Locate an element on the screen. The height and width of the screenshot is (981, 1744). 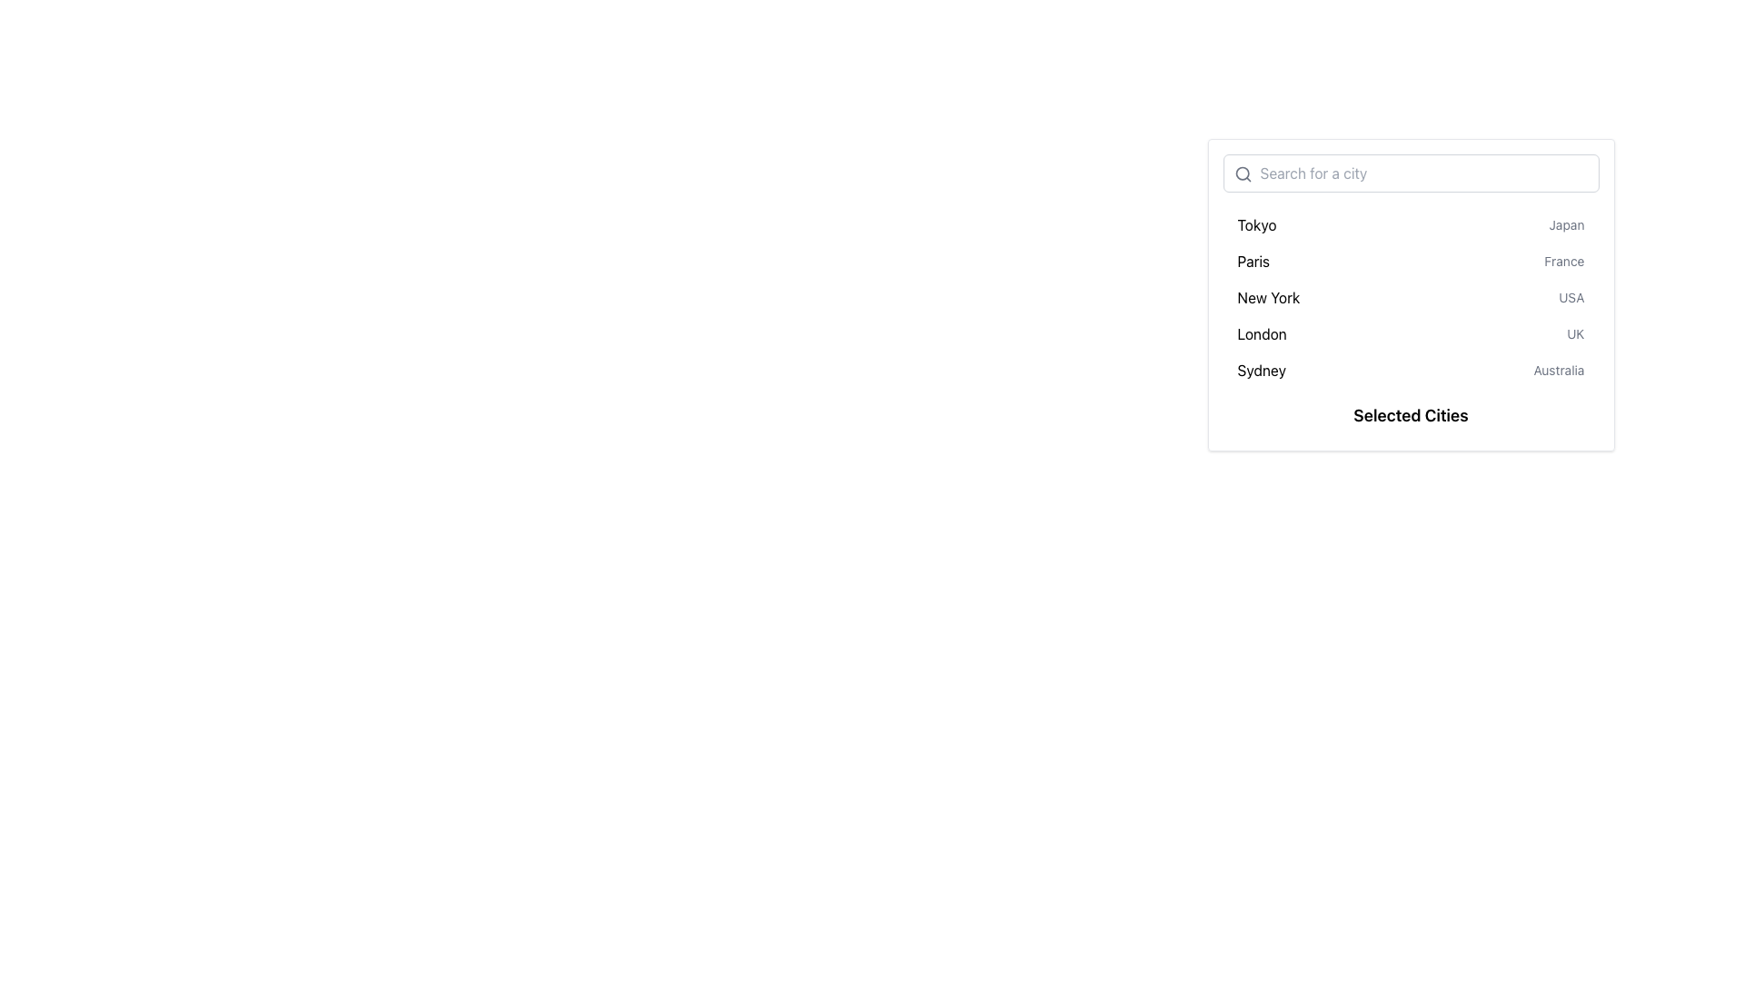
the text element representing the city 'London' is located at coordinates (1260, 333).